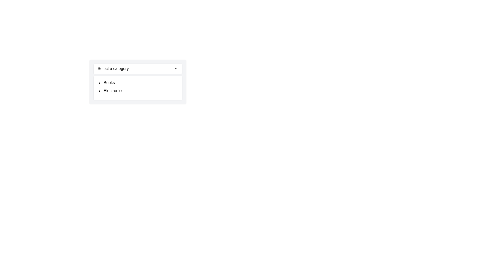 This screenshot has height=271, width=483. I want to click on the chevron down icon located at the right edge of the 'Select a category' dropdown button, so click(176, 69).